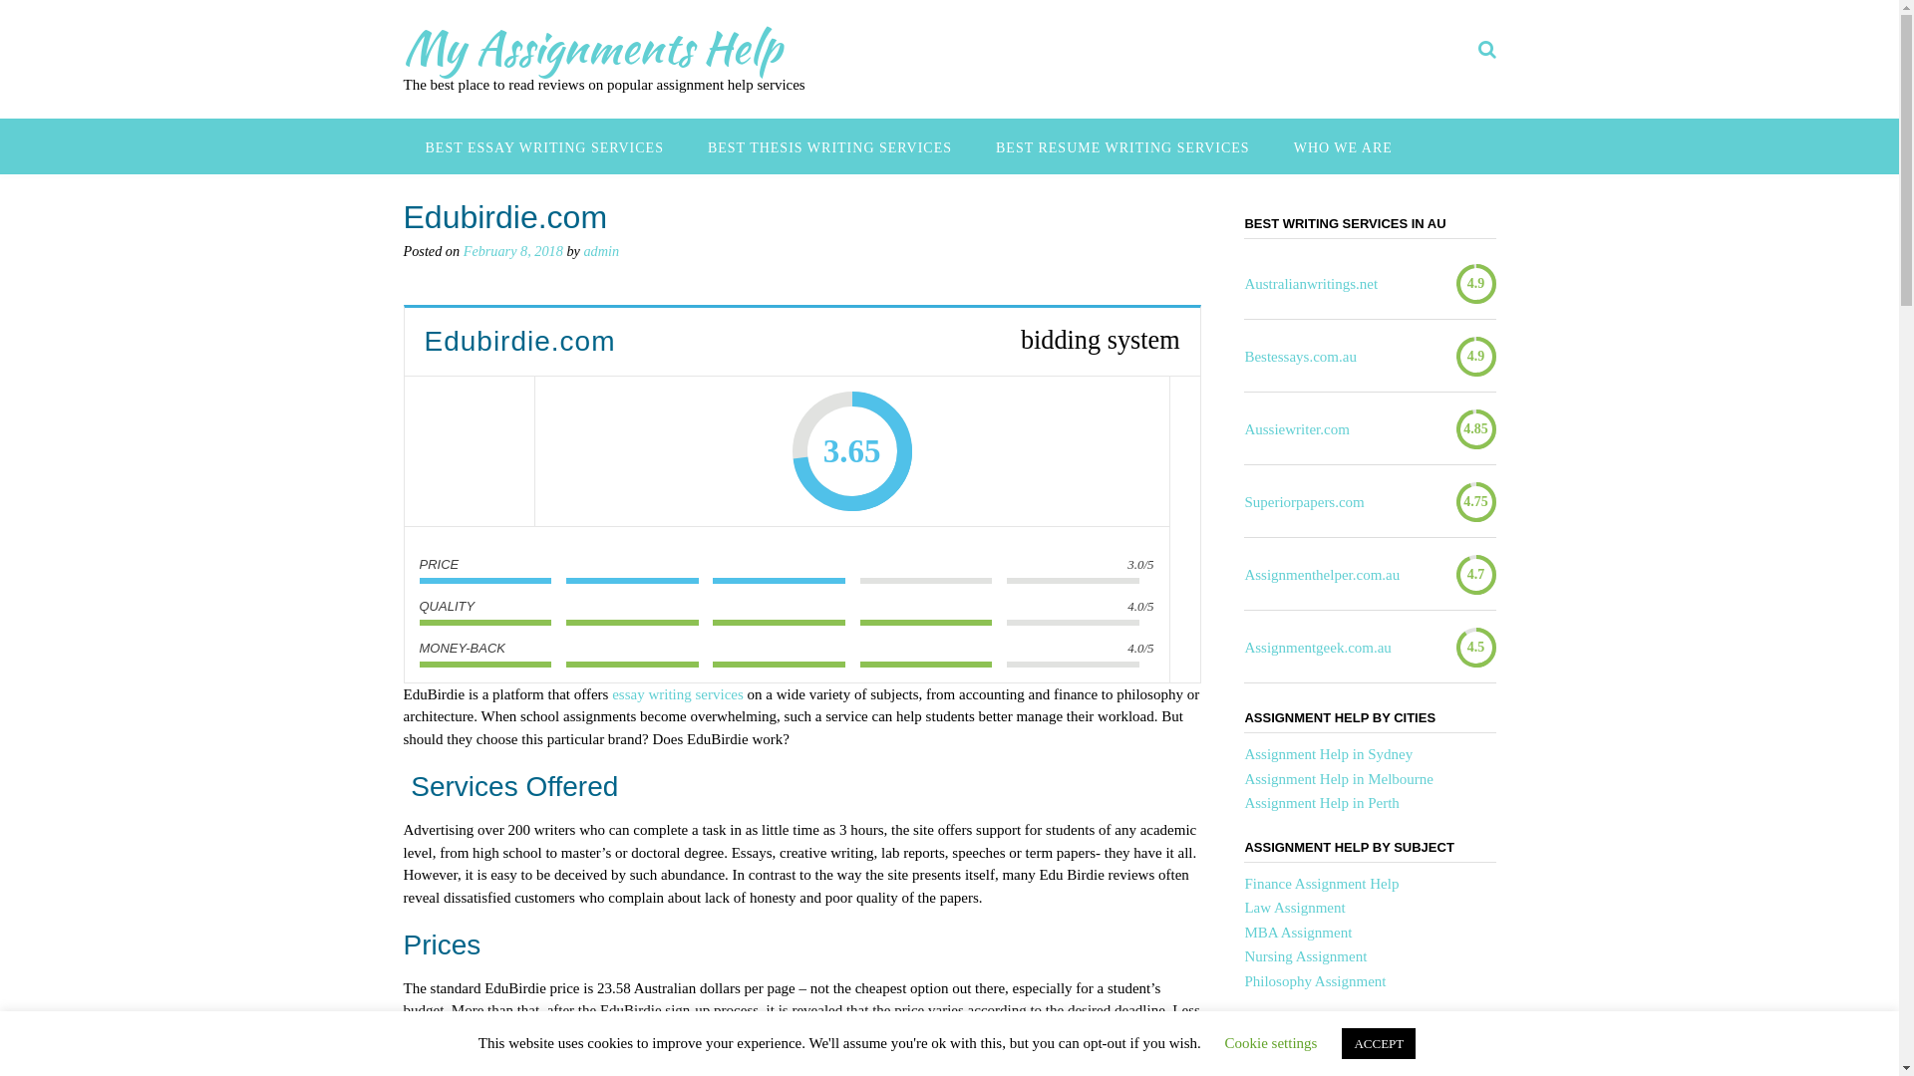 The image size is (1914, 1076). What do you see at coordinates (1311, 284) in the screenshot?
I see `'Australianwritings.net'` at bounding box center [1311, 284].